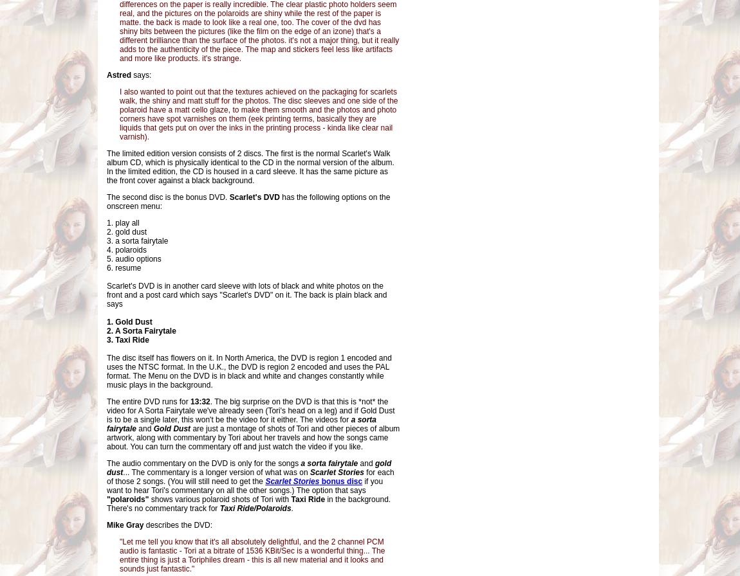  I want to click on 'The audio commentary on the DVD is only for the songs', so click(203, 464).